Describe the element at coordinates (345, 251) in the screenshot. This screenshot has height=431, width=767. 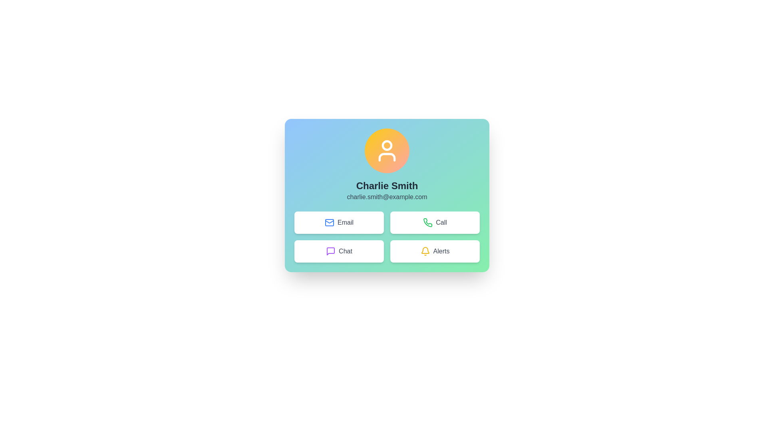
I see `the 'Chat' text label, which is part of a button featuring a speech bubble icon, located in the bottom-left section of a grid of options` at that location.